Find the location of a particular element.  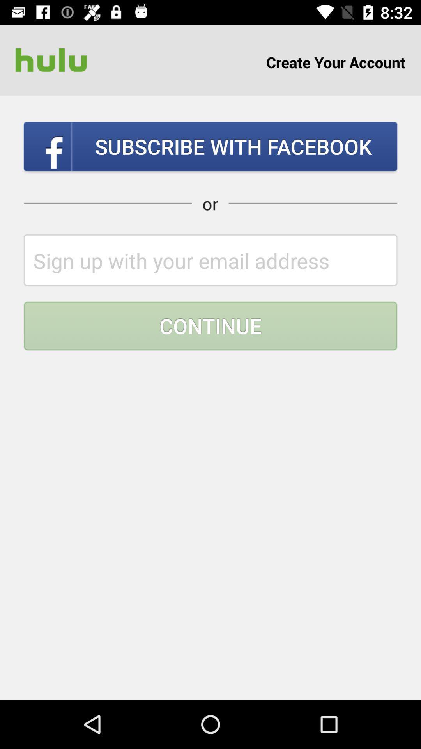

the continue is located at coordinates (210, 326).